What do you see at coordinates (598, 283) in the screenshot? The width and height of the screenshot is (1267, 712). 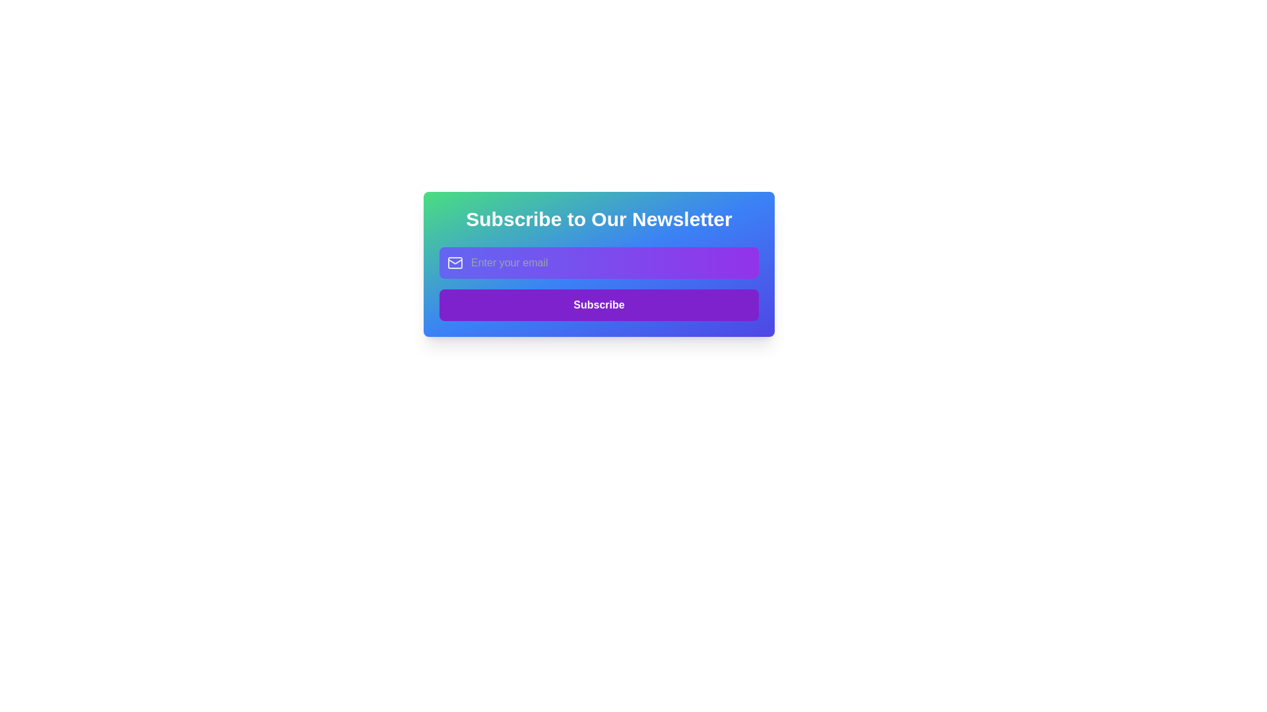 I see `the purple 'Subscribe' button with white text` at bounding box center [598, 283].